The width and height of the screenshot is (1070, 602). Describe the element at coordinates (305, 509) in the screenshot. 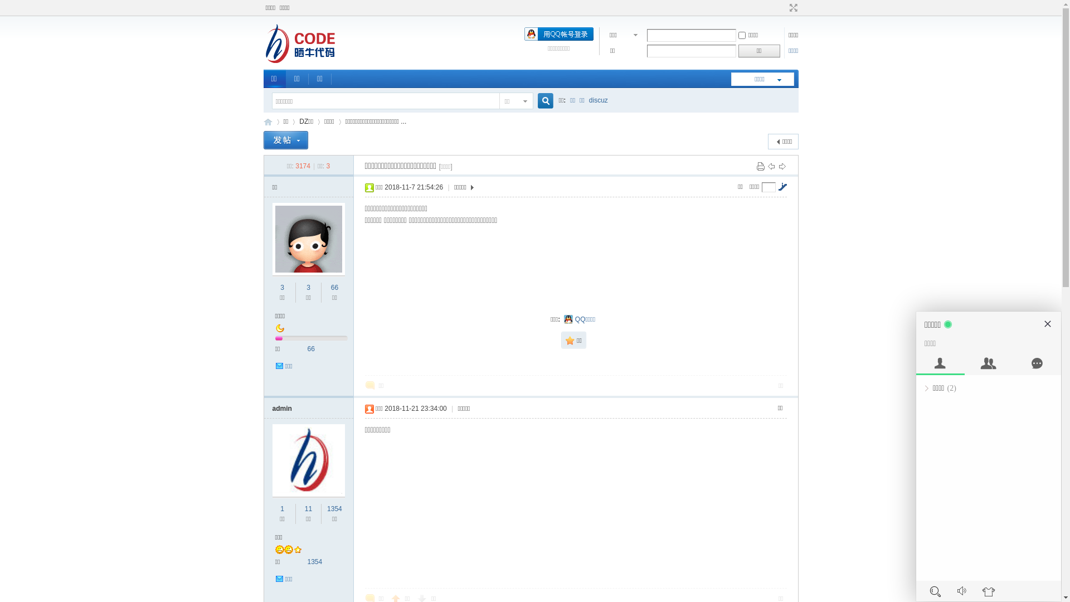

I see `'11'` at that location.